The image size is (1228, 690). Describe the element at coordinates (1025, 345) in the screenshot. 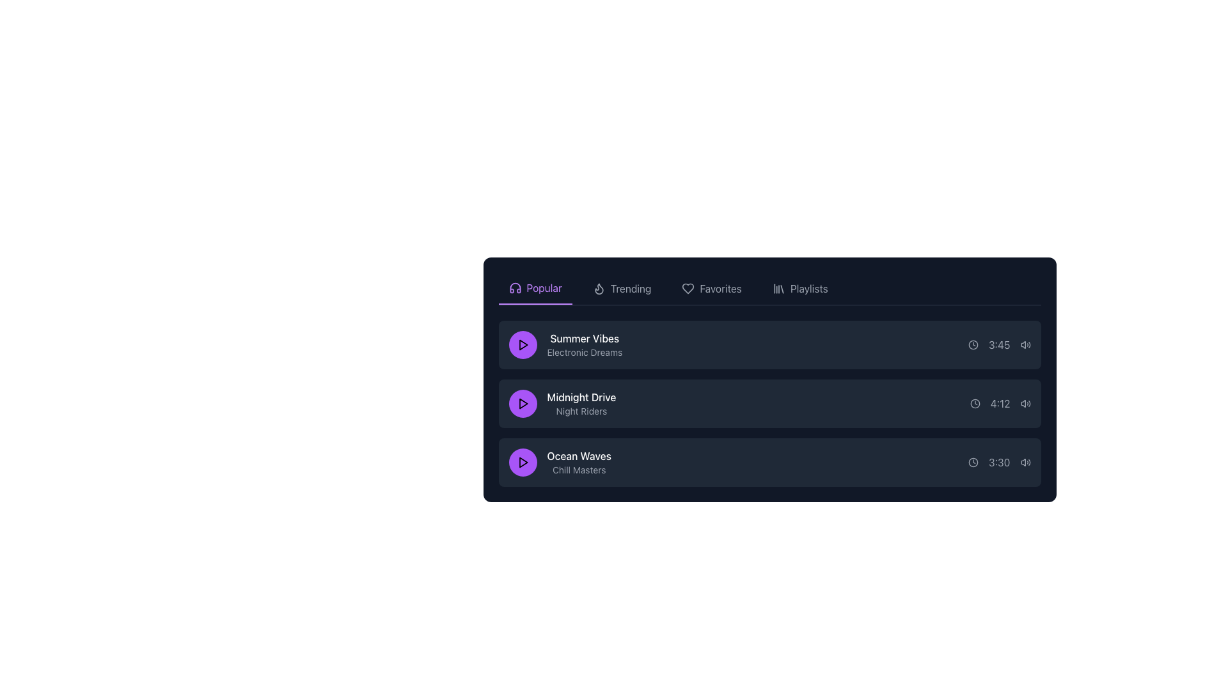

I see `the small, compact speaker icon with sound waves, located to the right of the timestamp '3:45'` at that location.